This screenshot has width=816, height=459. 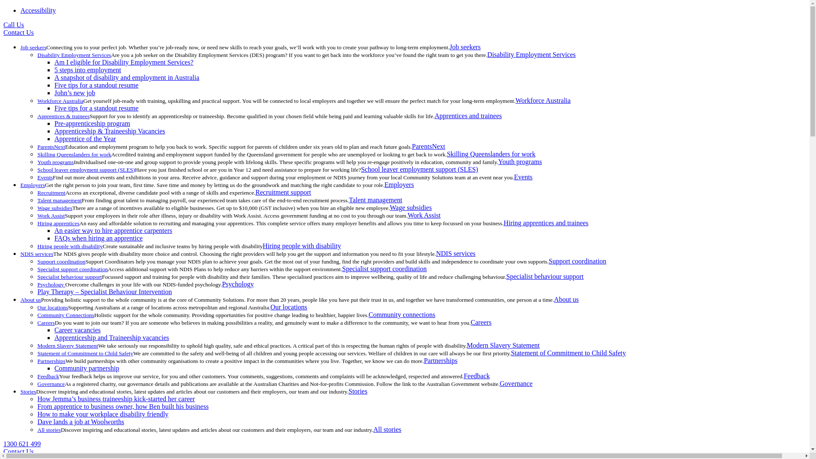 What do you see at coordinates (109, 131) in the screenshot?
I see `'Apprenticeship & Traineeship Vacancies'` at bounding box center [109, 131].